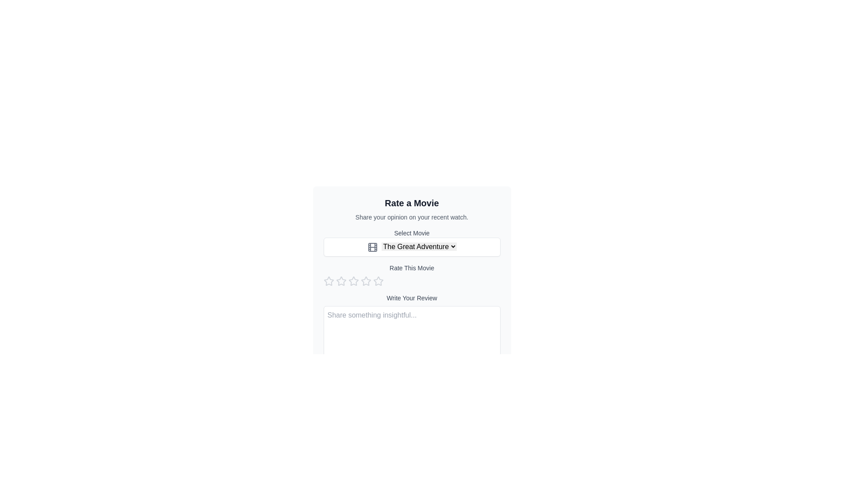 This screenshot has width=849, height=477. I want to click on the Text Label that instructs users about the rating widget located at the top center of the 'Rate a Movie' section, so click(411, 267).